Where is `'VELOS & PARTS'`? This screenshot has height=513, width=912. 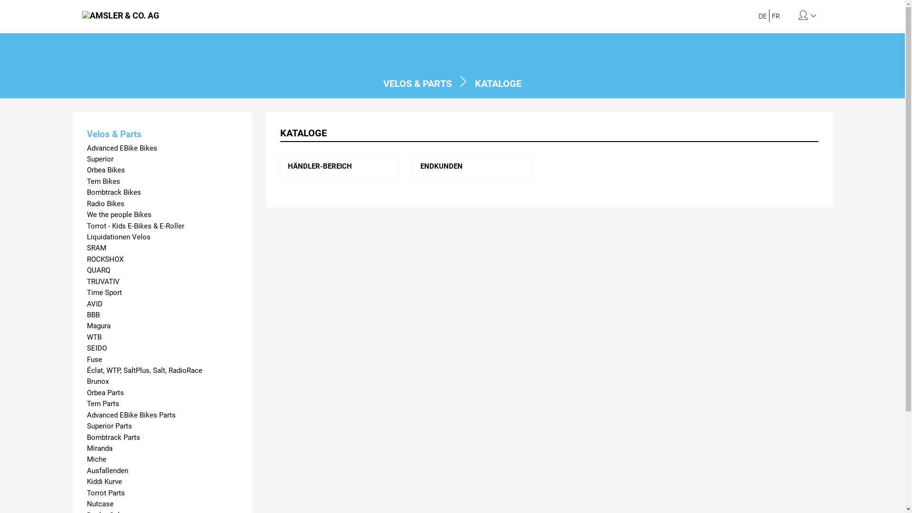
'VELOS & PARTS' is located at coordinates (417, 83).